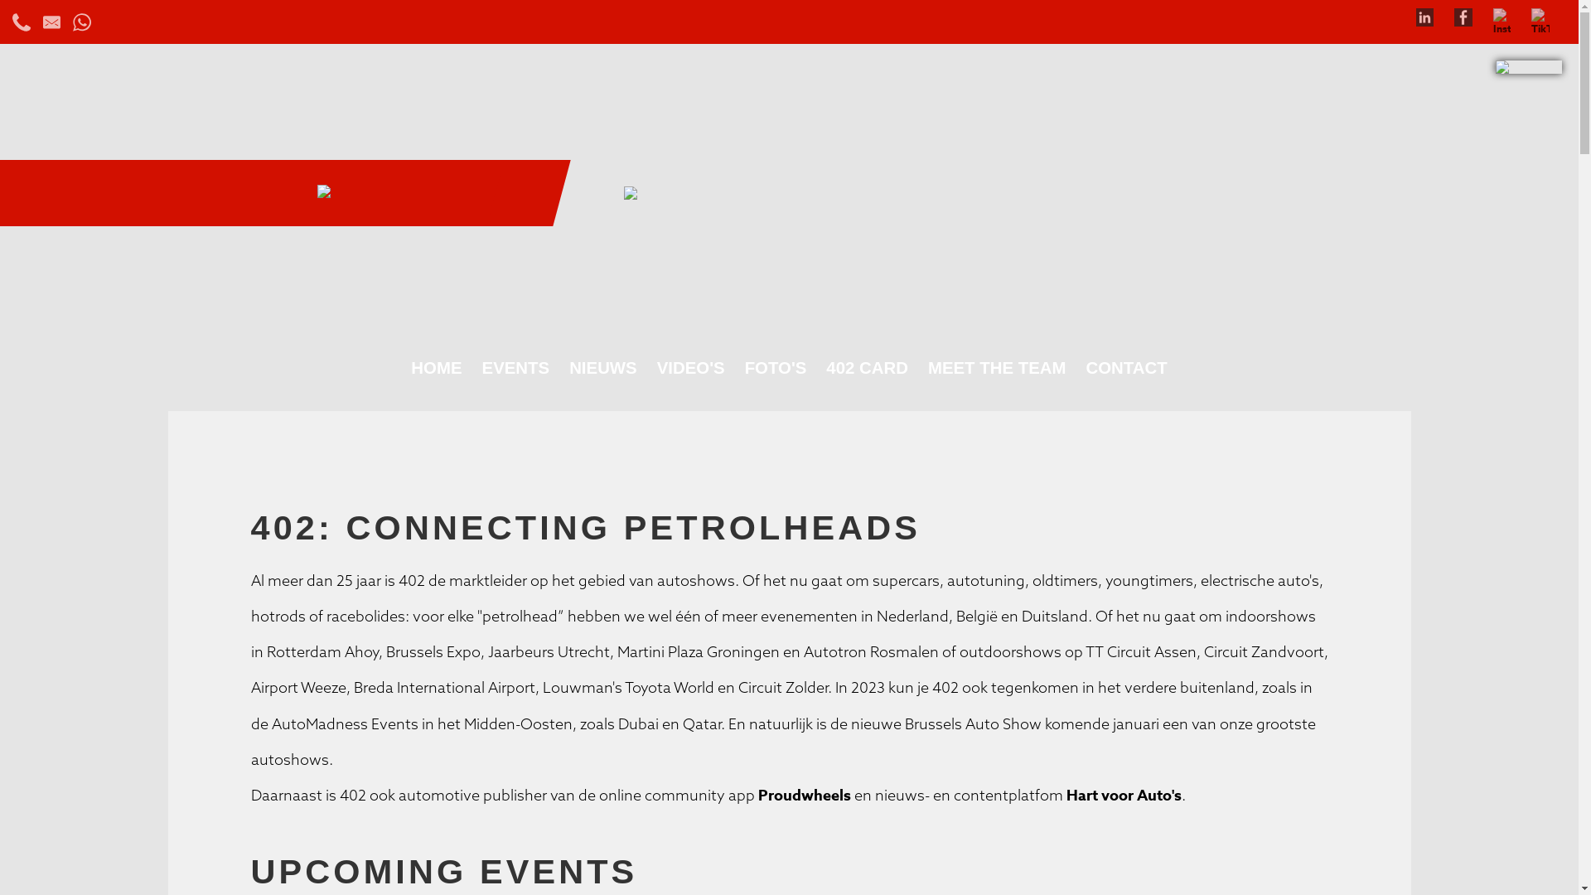 This screenshot has width=1591, height=895. Describe the element at coordinates (559, 367) in the screenshot. I see `'NIEUWS'` at that location.